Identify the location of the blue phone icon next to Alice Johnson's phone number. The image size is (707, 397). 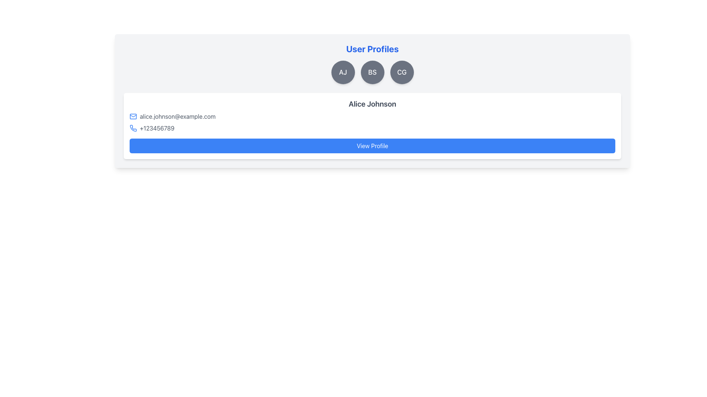
(133, 128).